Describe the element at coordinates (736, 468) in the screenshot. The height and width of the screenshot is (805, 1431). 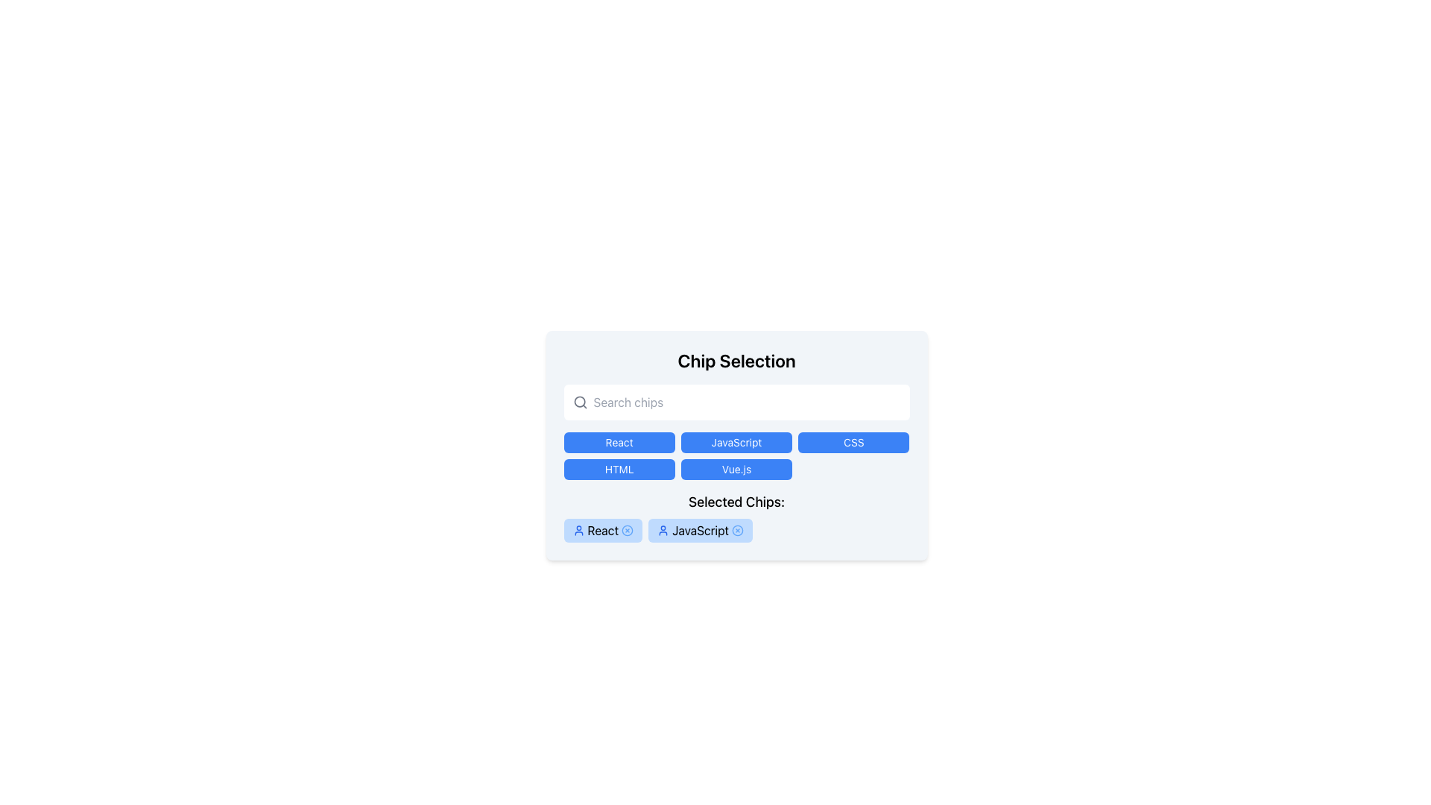
I see `the fifth button in the bottom-right corner of the grid layout` at that location.